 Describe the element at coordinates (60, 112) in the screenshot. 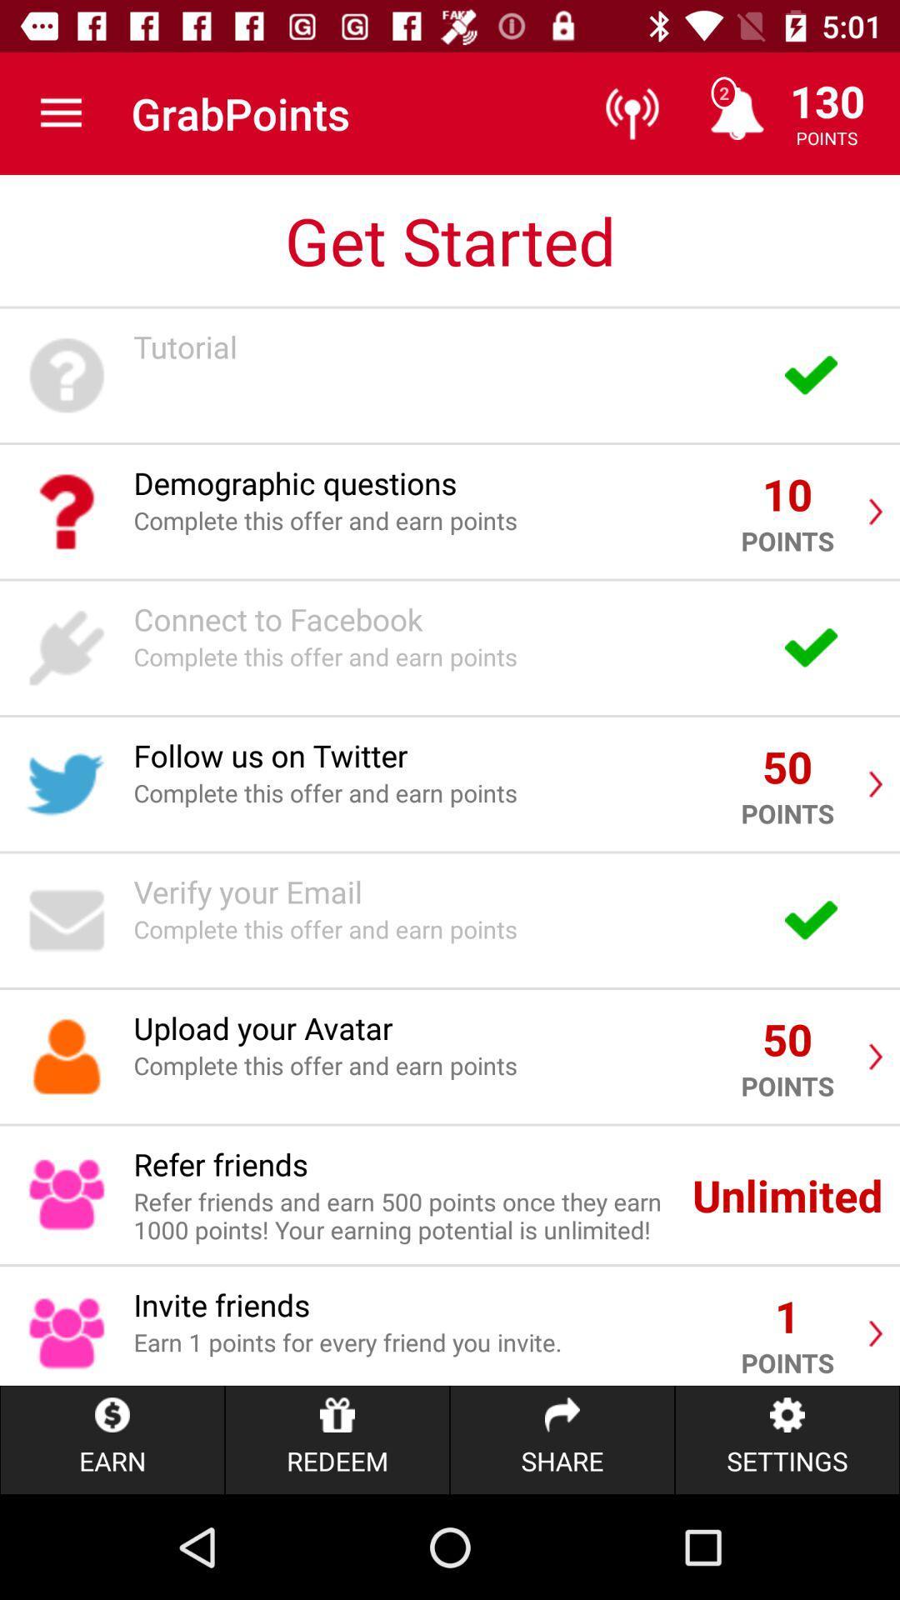

I see `the icon above get started` at that location.